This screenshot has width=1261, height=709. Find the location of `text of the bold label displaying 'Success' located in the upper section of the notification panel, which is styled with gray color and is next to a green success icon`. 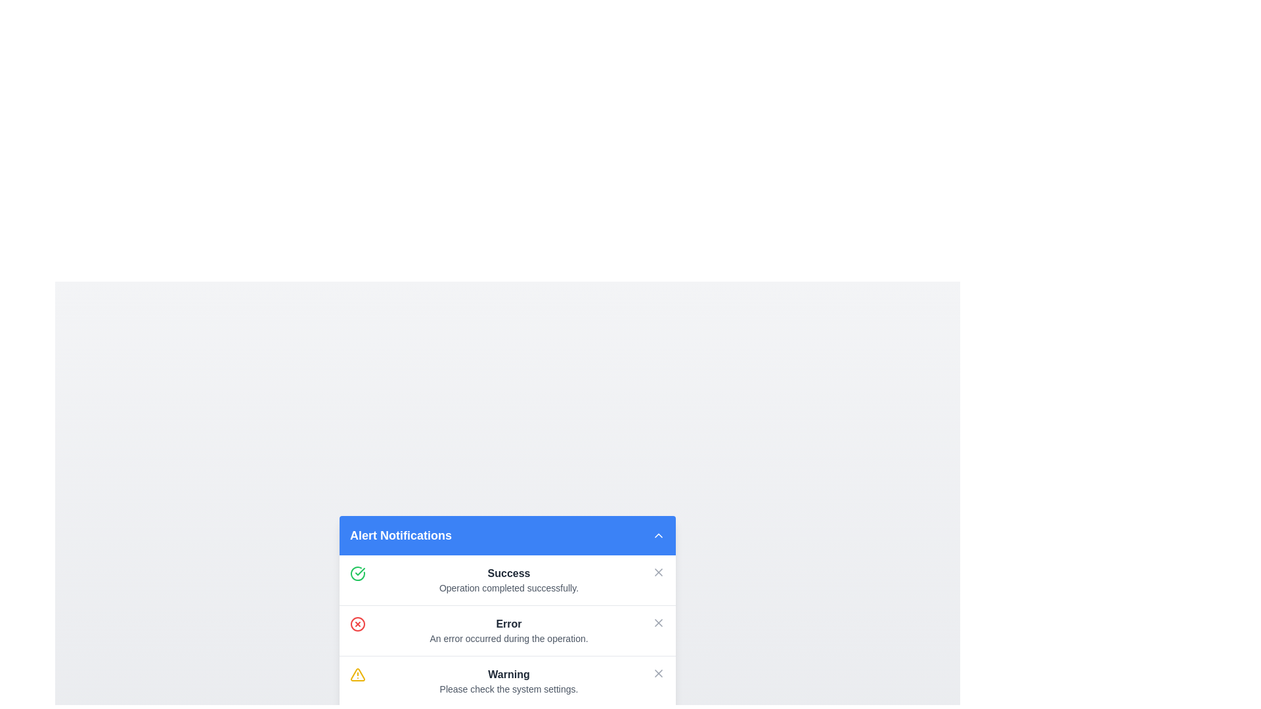

text of the bold label displaying 'Success' located in the upper section of the notification panel, which is styled with gray color and is next to a green success icon is located at coordinates (508, 572).